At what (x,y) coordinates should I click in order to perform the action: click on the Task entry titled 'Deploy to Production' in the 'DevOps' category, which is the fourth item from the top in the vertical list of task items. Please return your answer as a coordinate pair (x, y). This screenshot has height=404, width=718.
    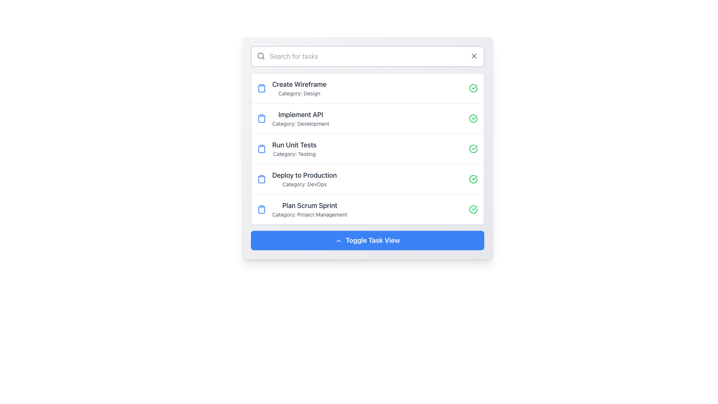
    Looking at the image, I should click on (297, 179).